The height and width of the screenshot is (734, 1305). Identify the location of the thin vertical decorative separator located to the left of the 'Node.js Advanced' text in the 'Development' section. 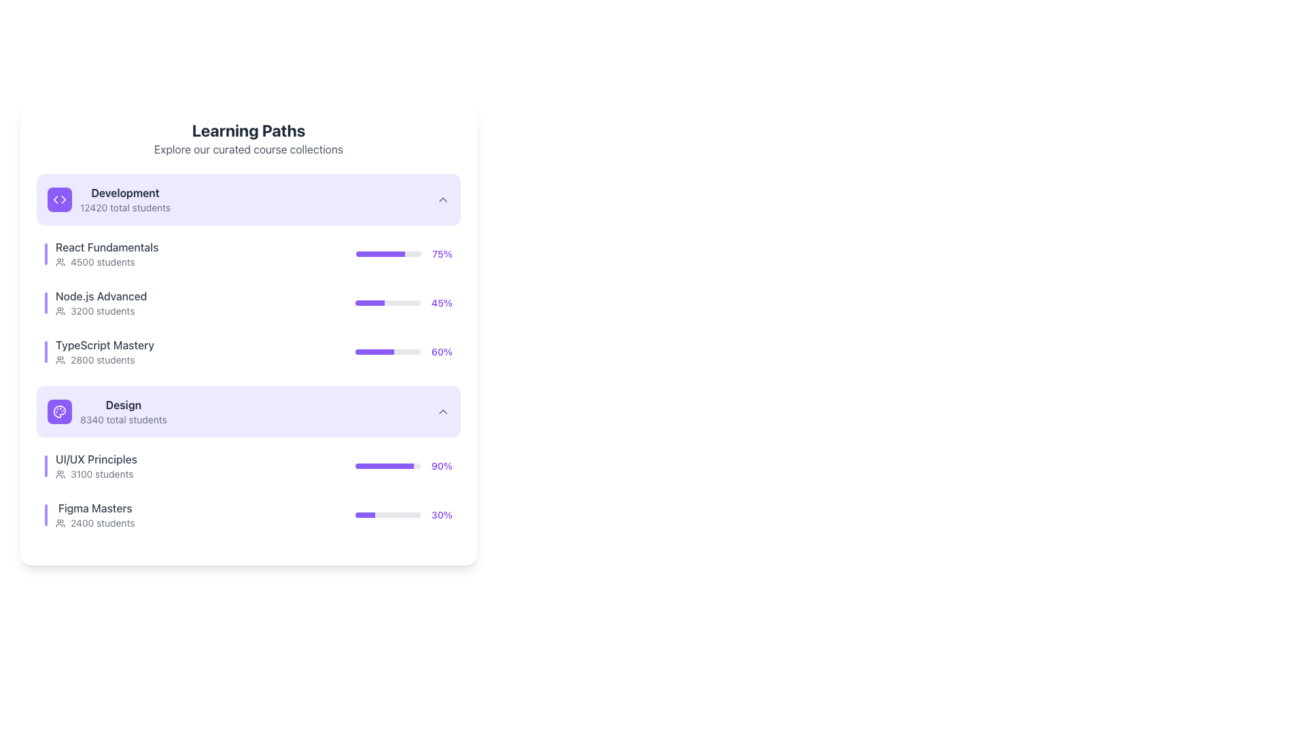
(46, 302).